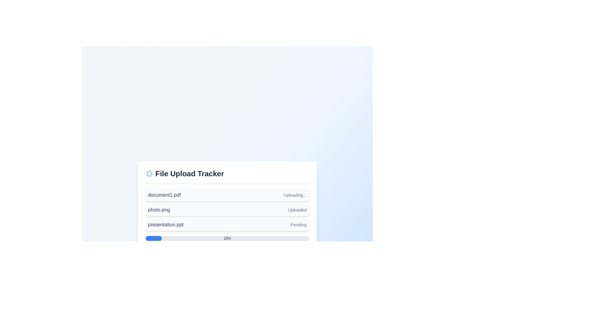 The image size is (595, 334). Describe the element at coordinates (153, 238) in the screenshot. I see `the Progress bar component located beneath the file entries 'document1.pdf', 'photo.png', and 'presentation.ppt' in the 'File Upload Tracker' section` at that location.